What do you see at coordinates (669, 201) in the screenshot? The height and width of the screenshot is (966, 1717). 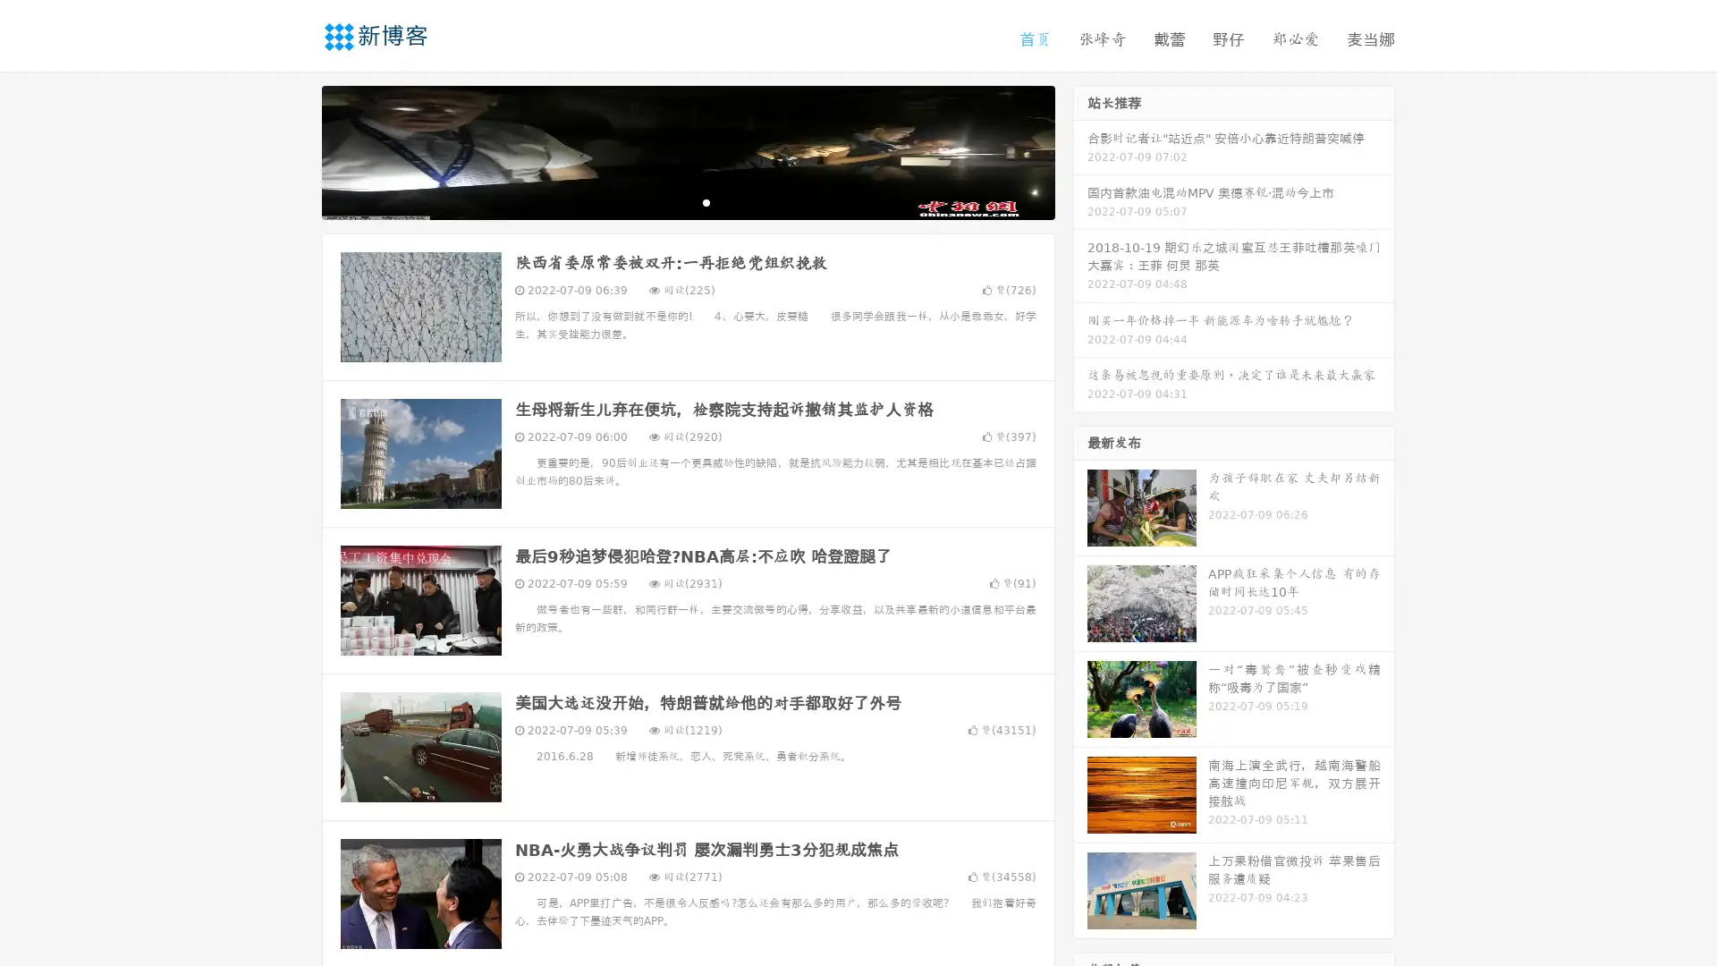 I see `Go to slide 1` at bounding box center [669, 201].